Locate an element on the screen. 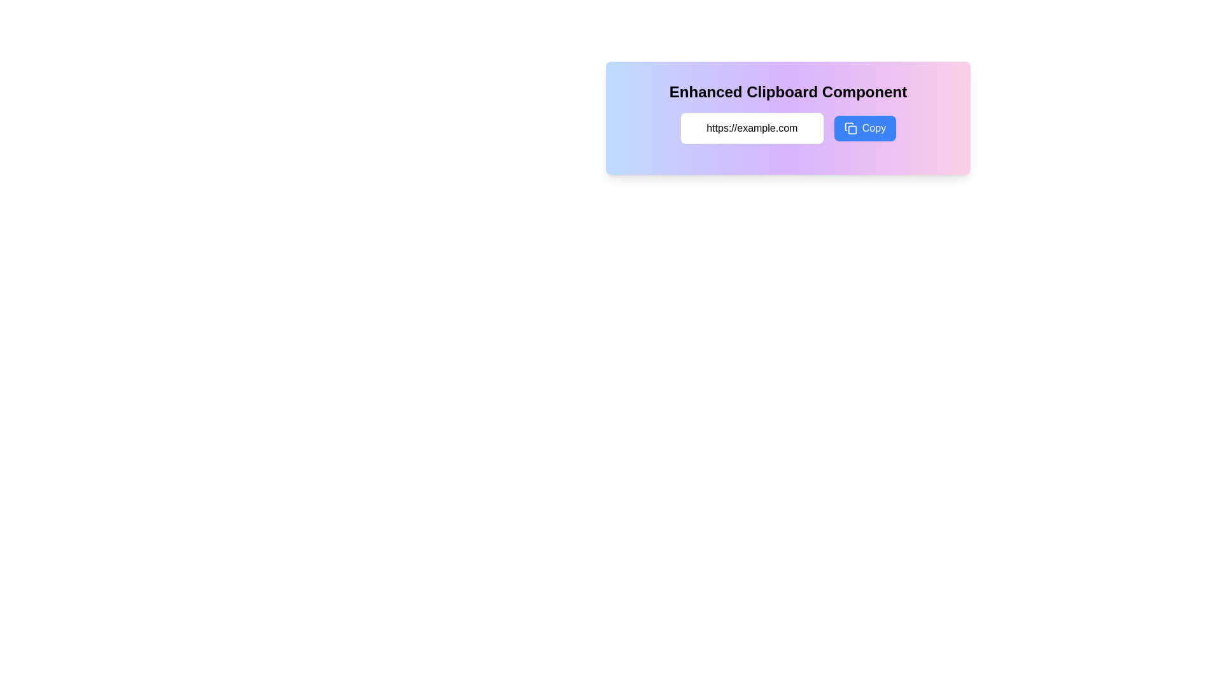 This screenshot has height=687, width=1222. the read-only URL text input field located centrally within the 'Enhanced Clipboard Component', next to the blue 'Copy' button is located at coordinates (787, 128).